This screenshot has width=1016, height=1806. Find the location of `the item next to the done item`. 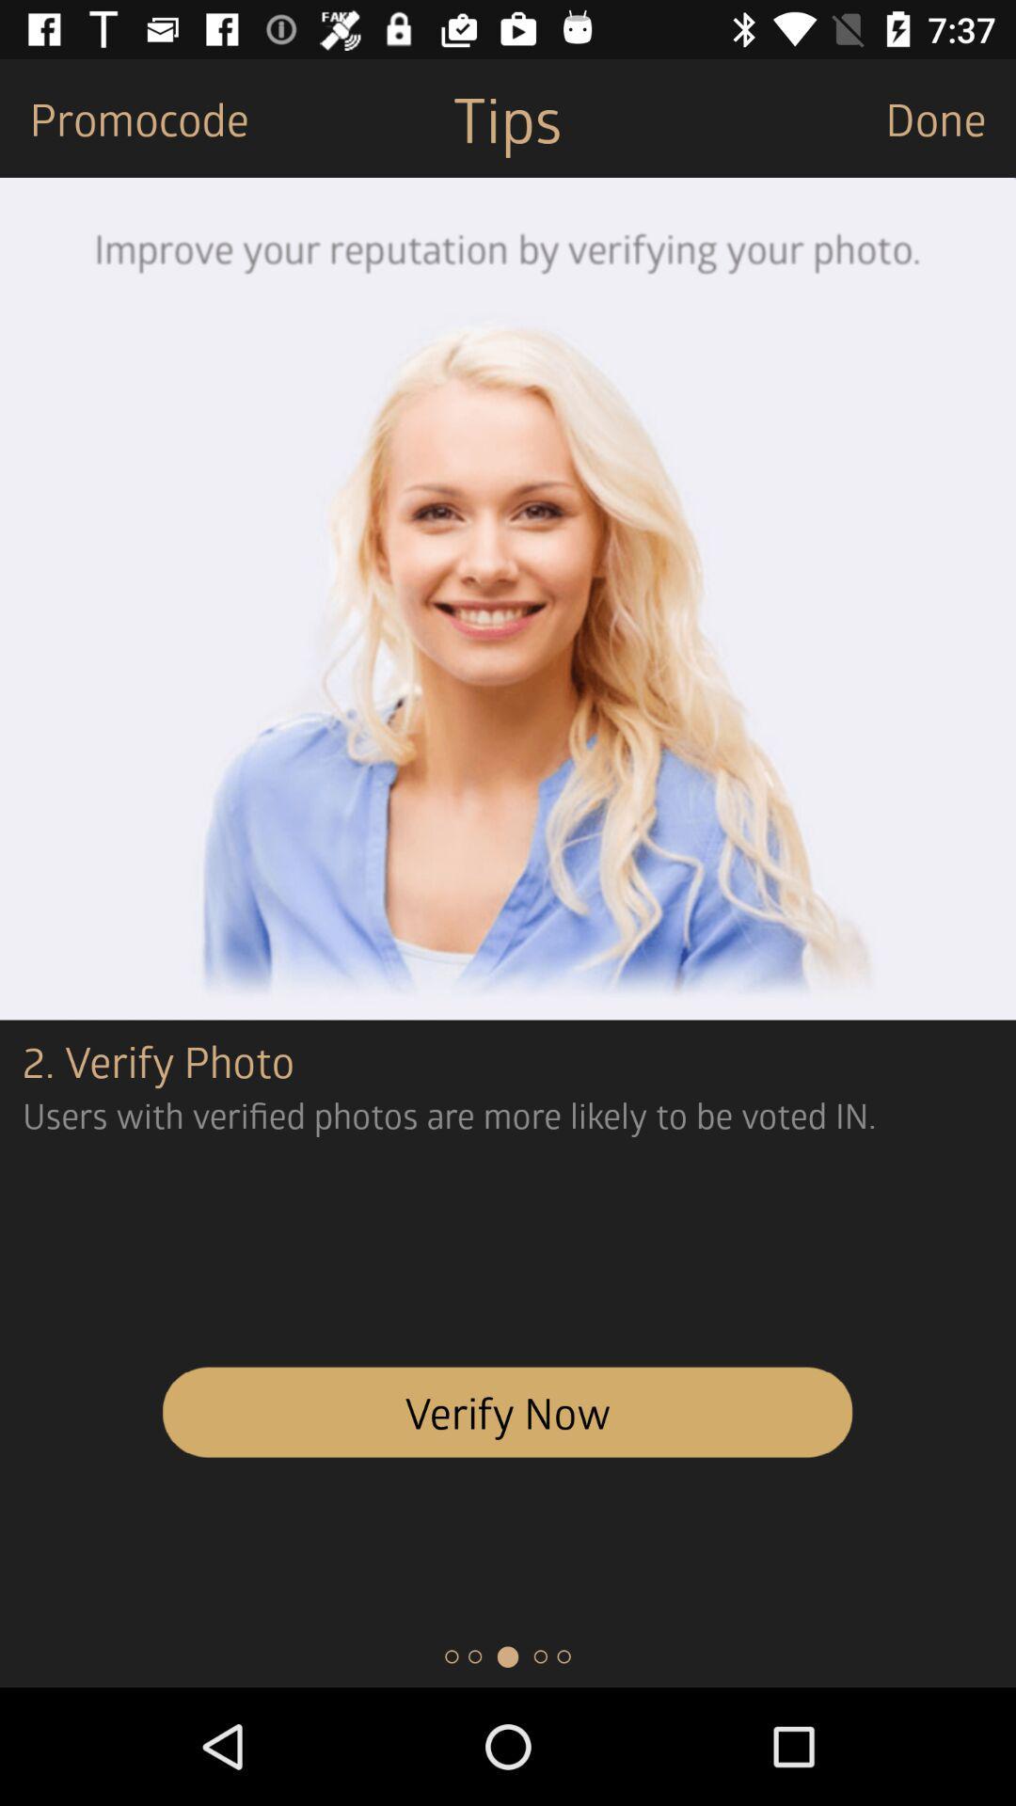

the item next to the done item is located at coordinates (506, 117).